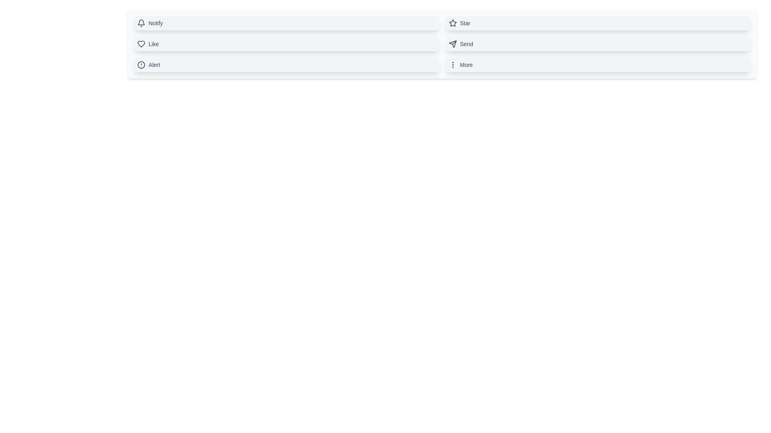 This screenshot has height=433, width=771. I want to click on the bell icon with a dark gray stroke and white fill, positioned to the left of the 'Notify' button, so click(141, 22).